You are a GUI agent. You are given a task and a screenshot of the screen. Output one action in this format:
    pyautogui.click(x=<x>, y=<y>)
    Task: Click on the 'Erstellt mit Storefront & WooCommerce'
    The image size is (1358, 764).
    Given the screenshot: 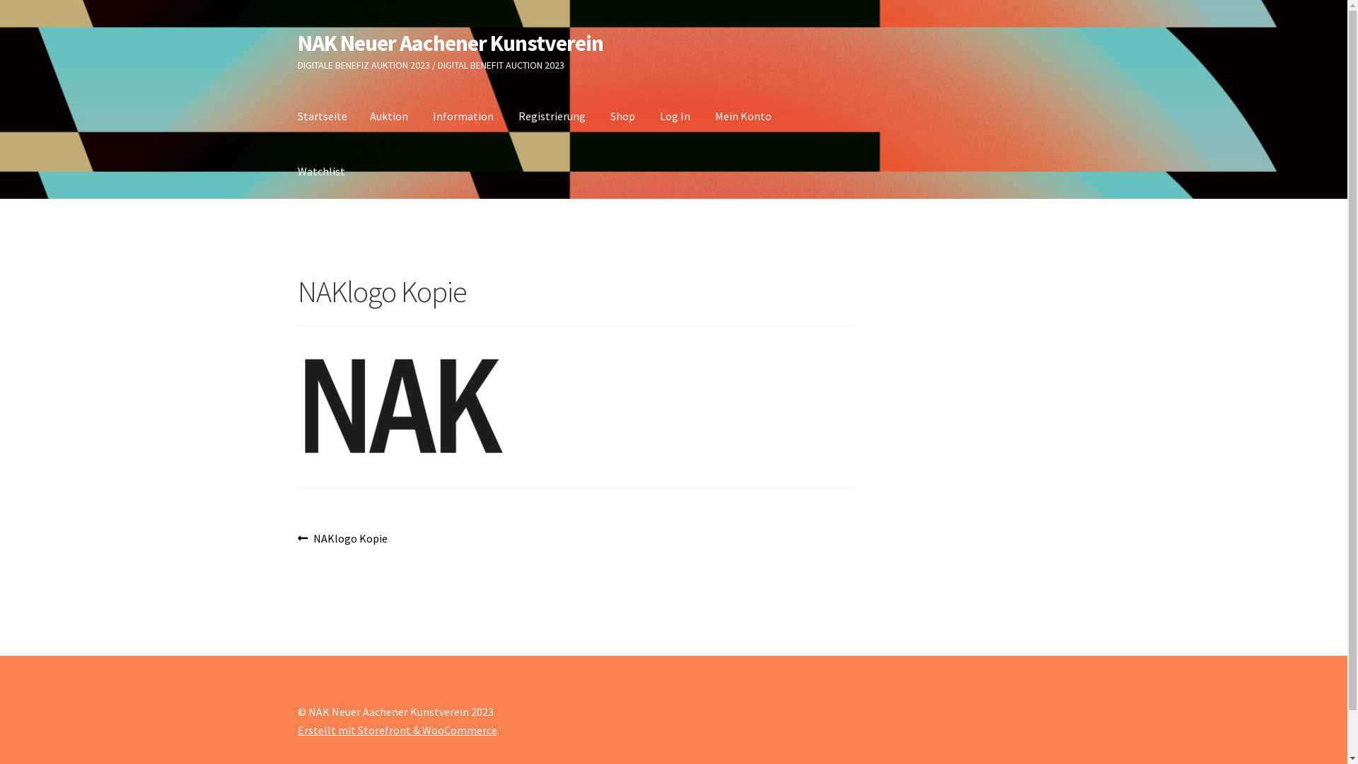 What is the action you would take?
    pyautogui.click(x=396, y=730)
    